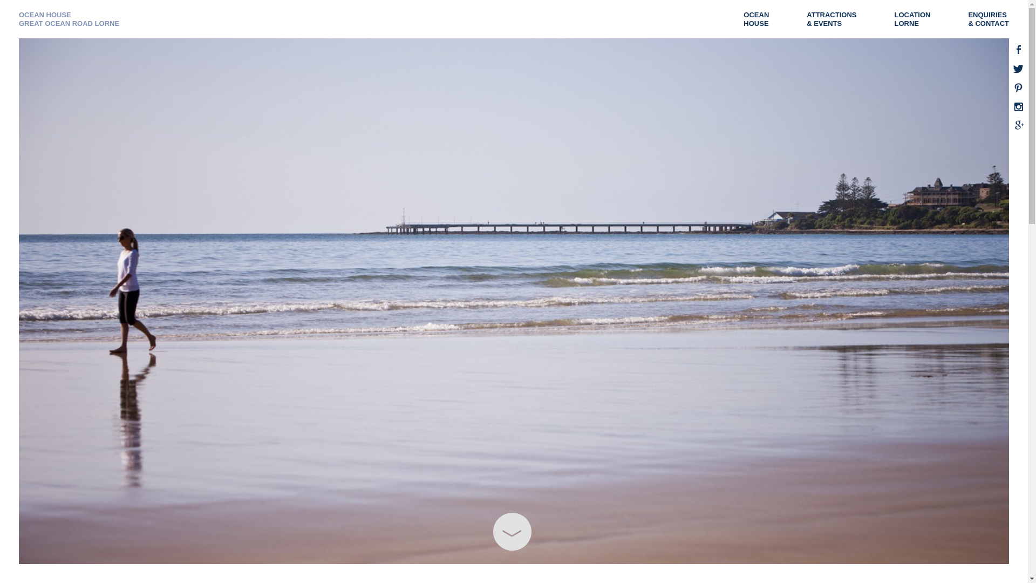  What do you see at coordinates (993, 19) in the screenshot?
I see `'ENQUIRIES` at bounding box center [993, 19].